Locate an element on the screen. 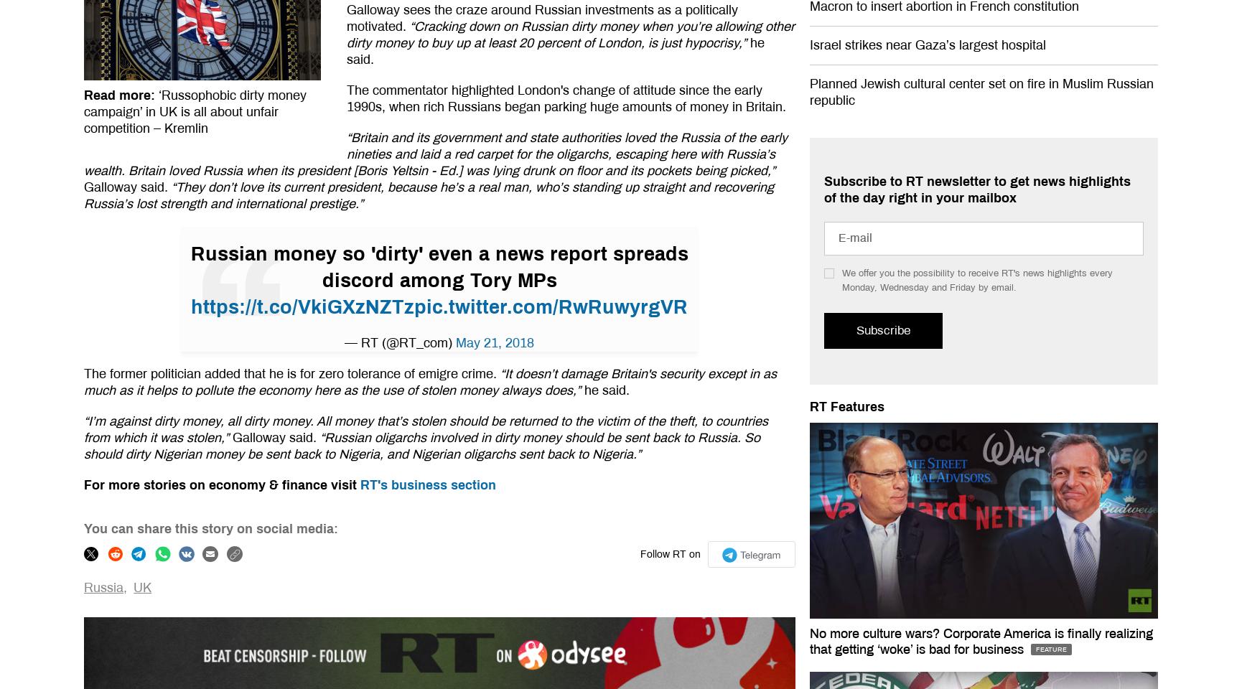 The width and height of the screenshot is (1242, 689). '‘Russophobic dirty money campaign’ in UK is all about unfair competition – Kremlin' is located at coordinates (194, 111).